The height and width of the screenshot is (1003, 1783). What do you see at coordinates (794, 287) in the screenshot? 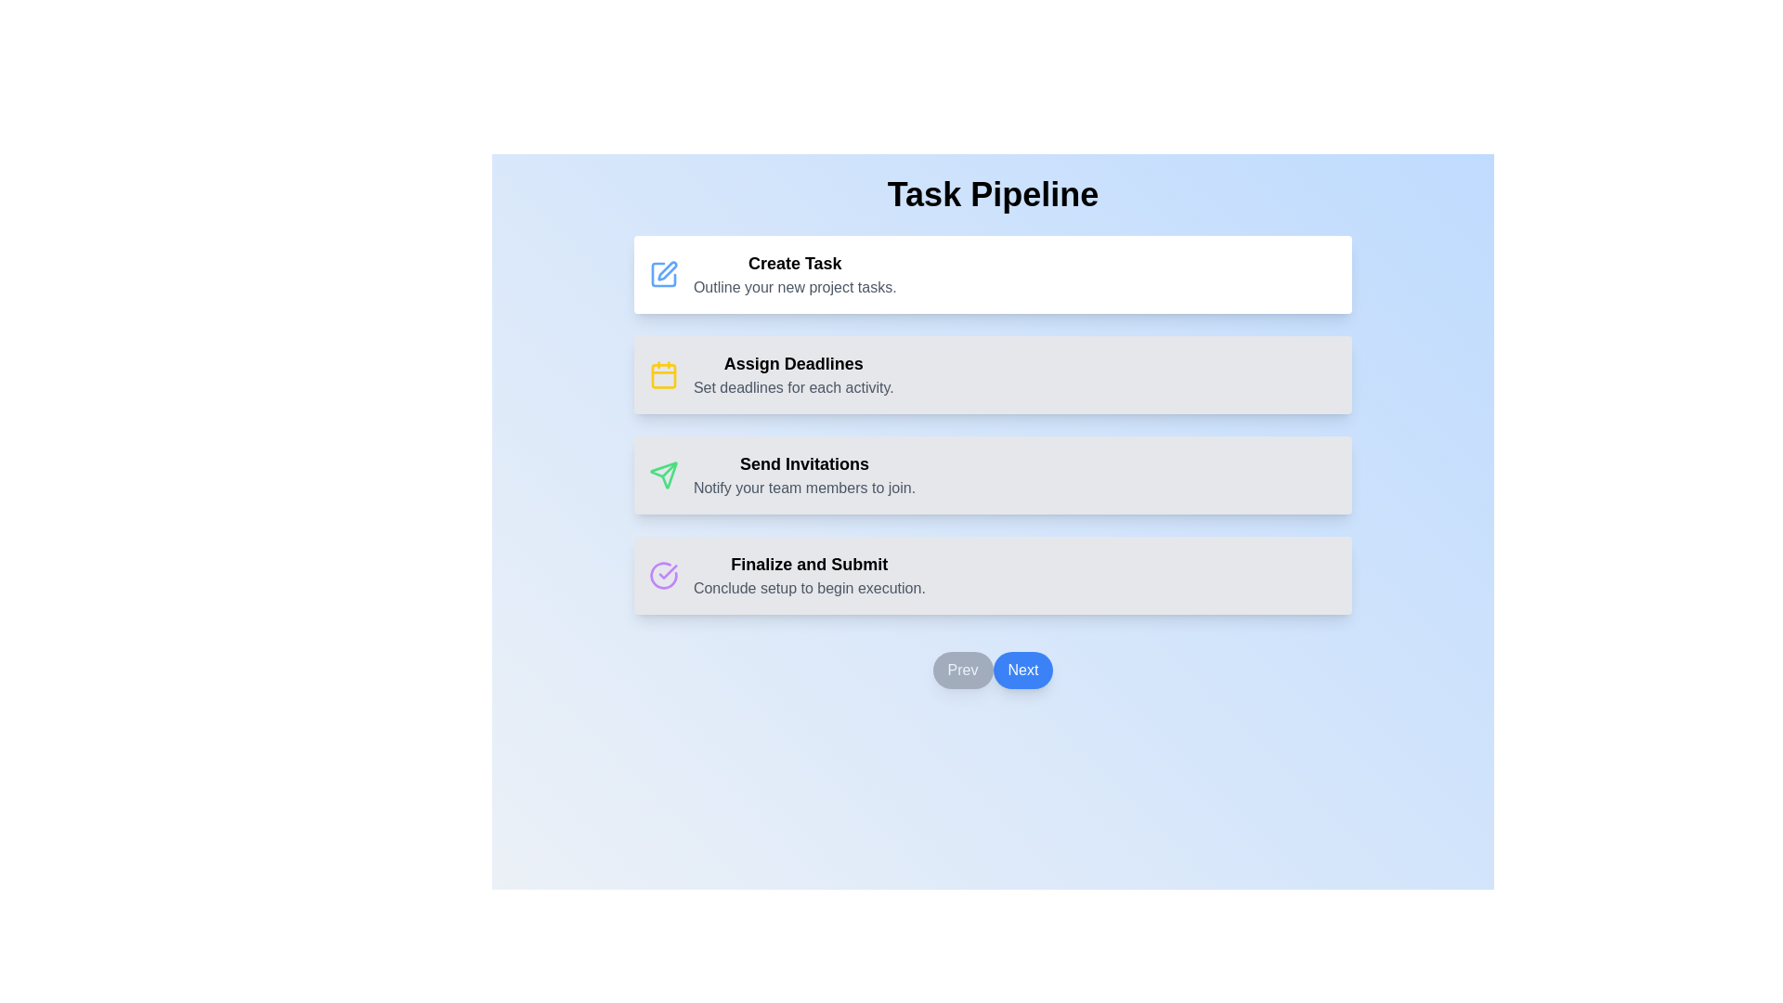
I see `the static text that clarifies the purpose of the 'Create Task' section, positioned directly below the heading 'Create Task.'` at bounding box center [794, 287].